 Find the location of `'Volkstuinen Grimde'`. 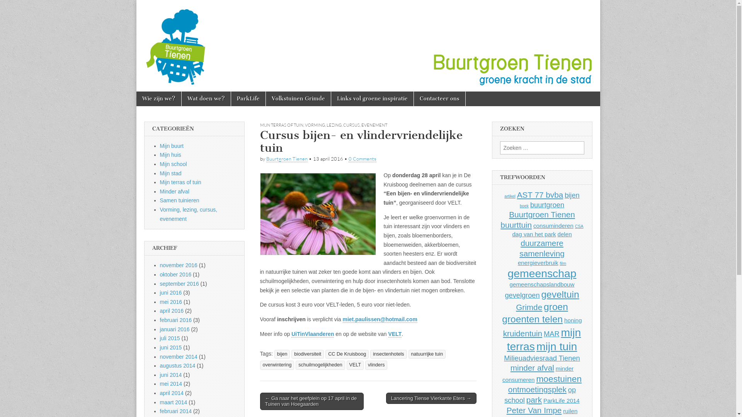

'Volkstuinen Grimde' is located at coordinates (298, 98).